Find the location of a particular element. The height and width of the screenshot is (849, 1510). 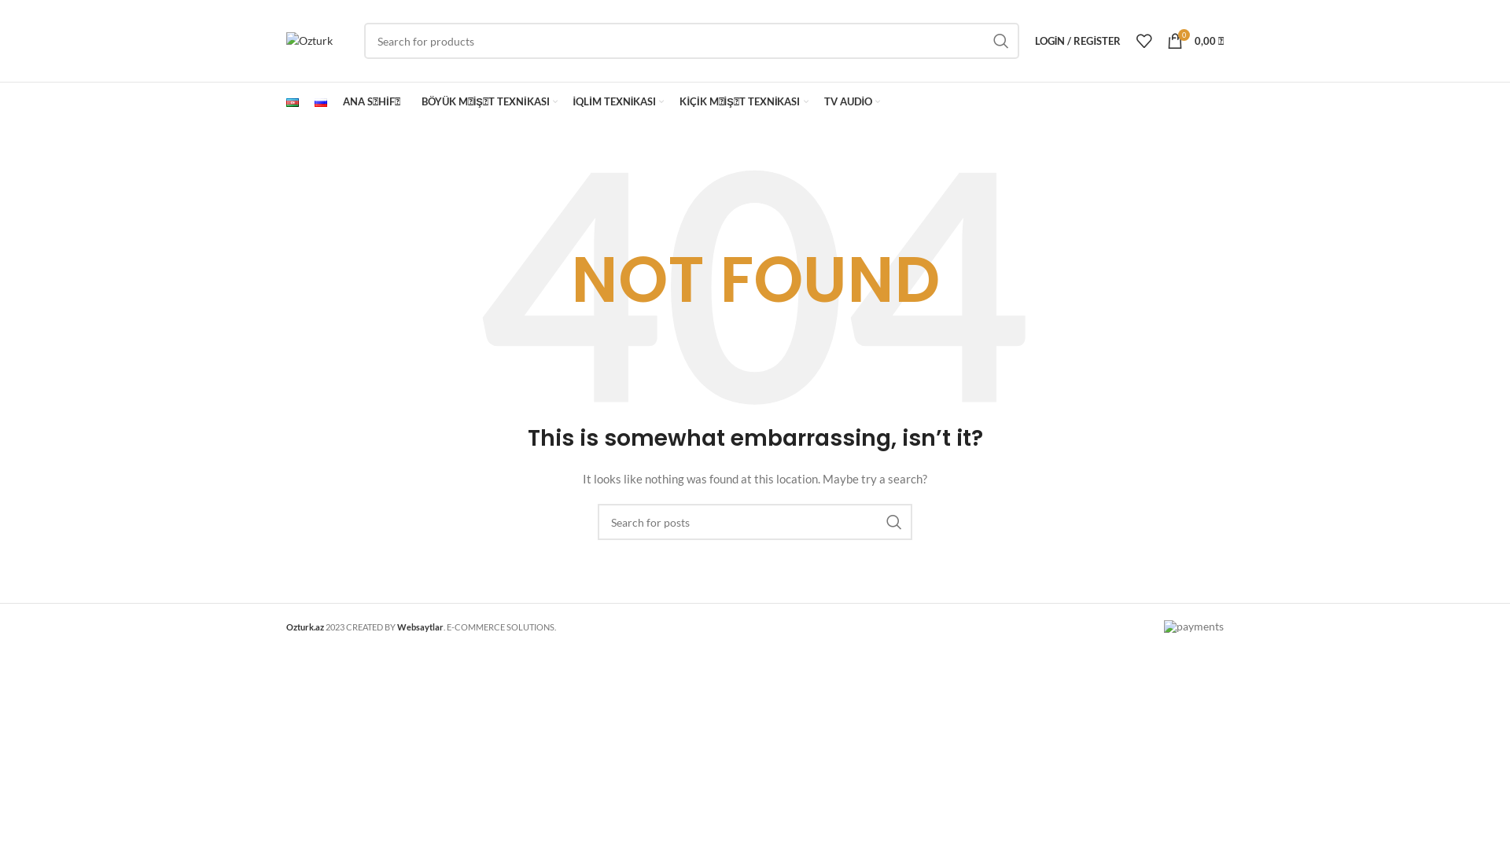

'Search for posts' is located at coordinates (755, 521).